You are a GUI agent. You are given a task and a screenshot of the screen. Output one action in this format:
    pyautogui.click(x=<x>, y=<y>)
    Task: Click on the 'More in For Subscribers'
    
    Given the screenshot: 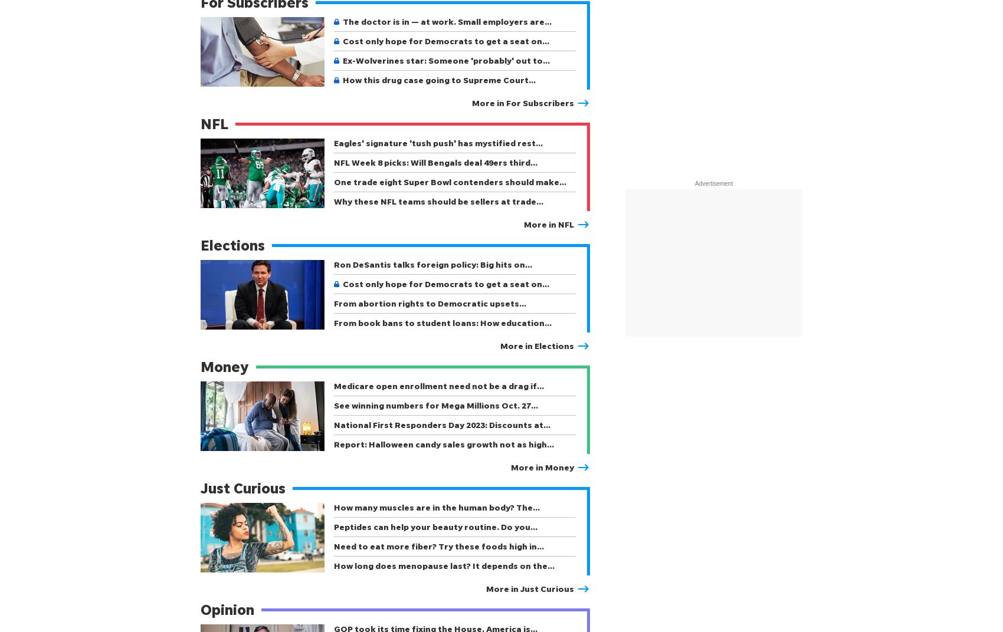 What is the action you would take?
    pyautogui.click(x=523, y=102)
    